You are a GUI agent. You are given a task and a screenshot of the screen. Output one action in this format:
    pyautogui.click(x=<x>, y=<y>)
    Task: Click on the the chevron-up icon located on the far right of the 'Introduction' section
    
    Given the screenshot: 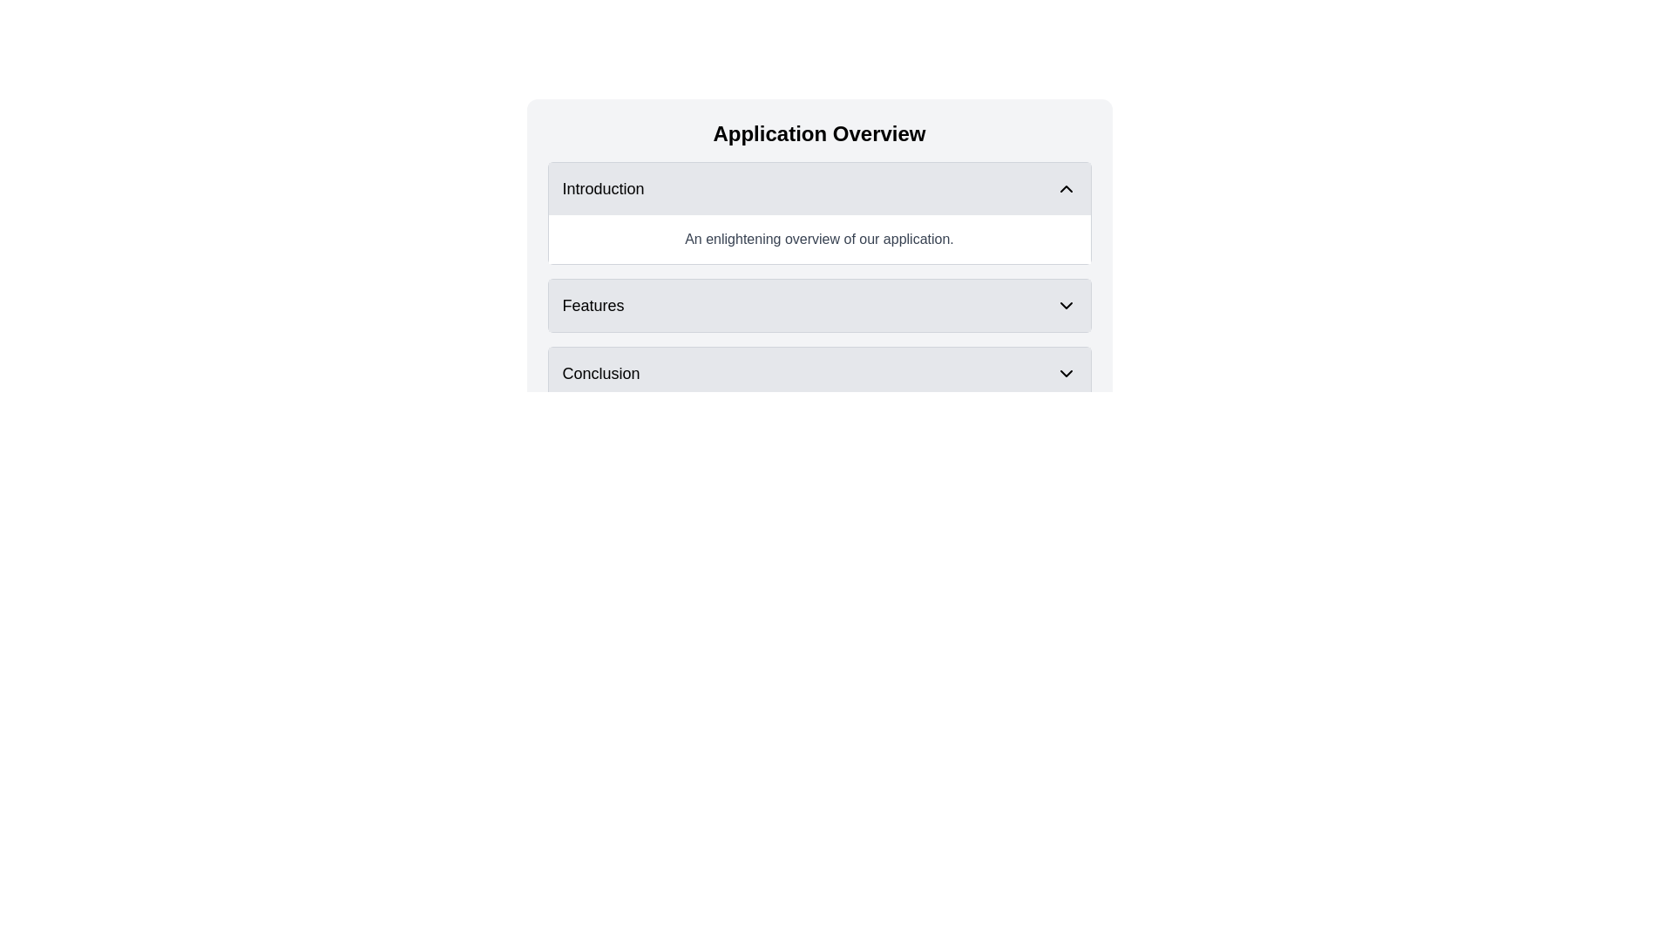 What is the action you would take?
    pyautogui.click(x=1065, y=188)
    